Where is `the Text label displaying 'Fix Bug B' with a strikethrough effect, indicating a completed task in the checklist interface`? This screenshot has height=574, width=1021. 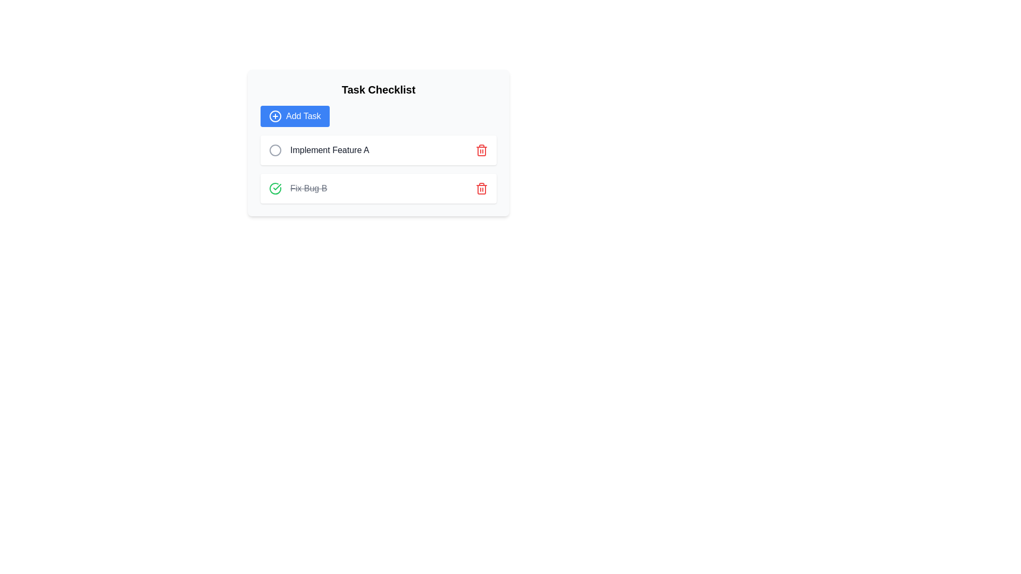 the Text label displaying 'Fix Bug B' with a strikethrough effect, indicating a completed task in the checklist interface is located at coordinates (308, 188).